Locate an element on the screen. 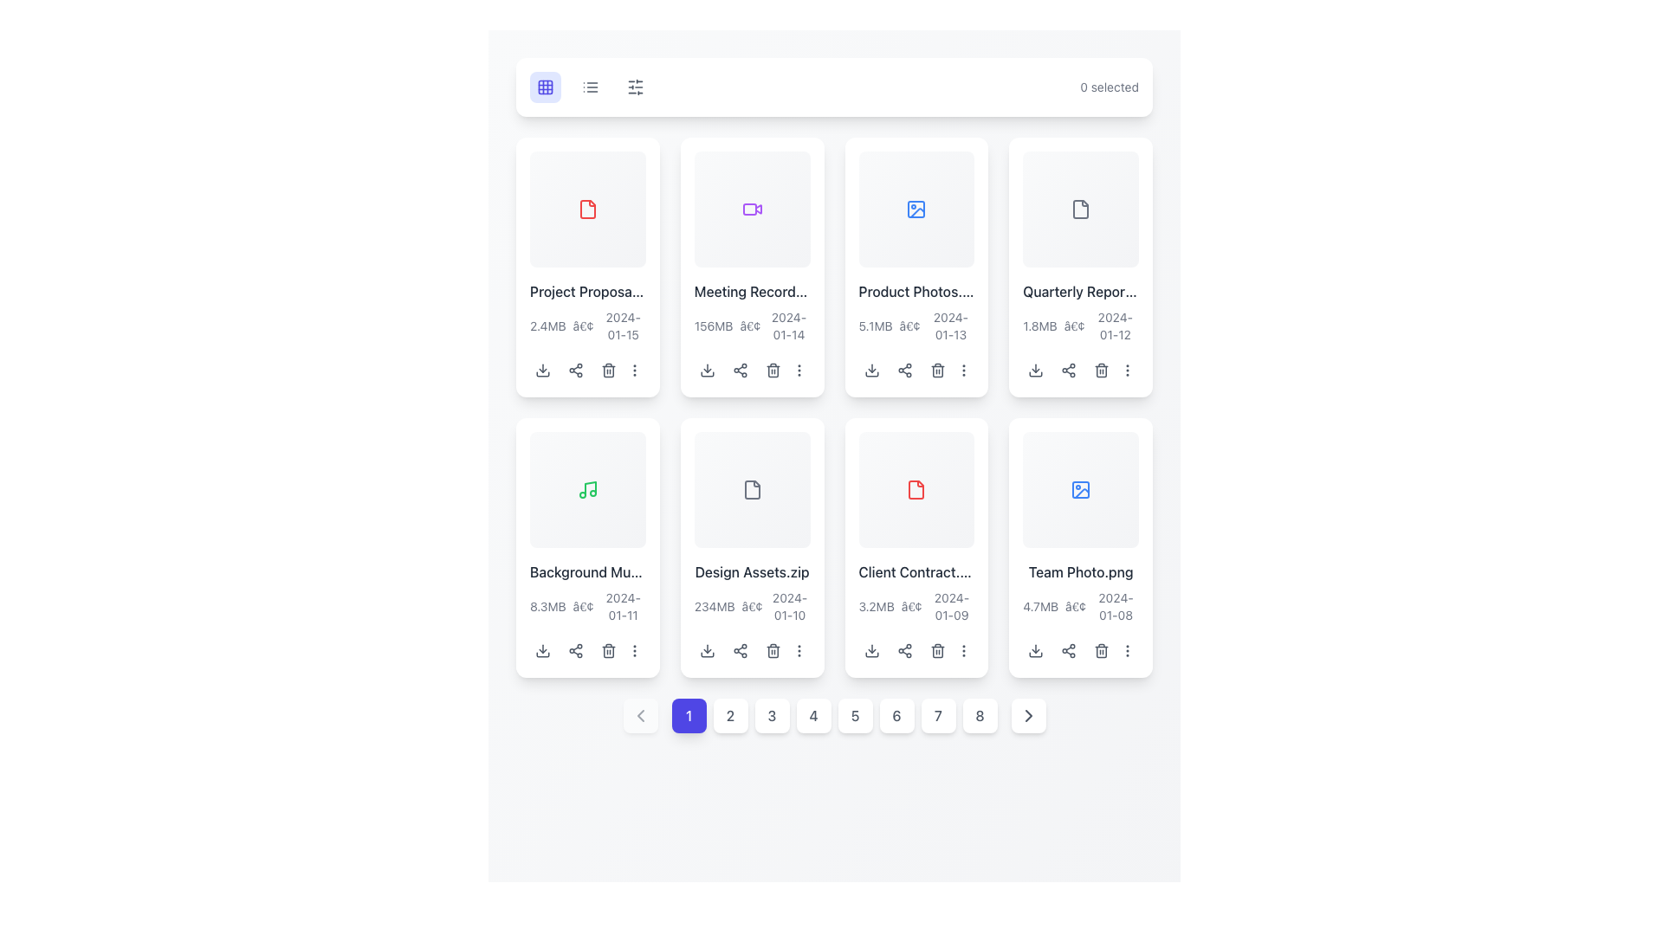 The width and height of the screenshot is (1663, 935). the static text label displaying the file size '4.7MB' of the card labeled 'Team Photo.png', located in the lower part of the card is located at coordinates (1039, 605).